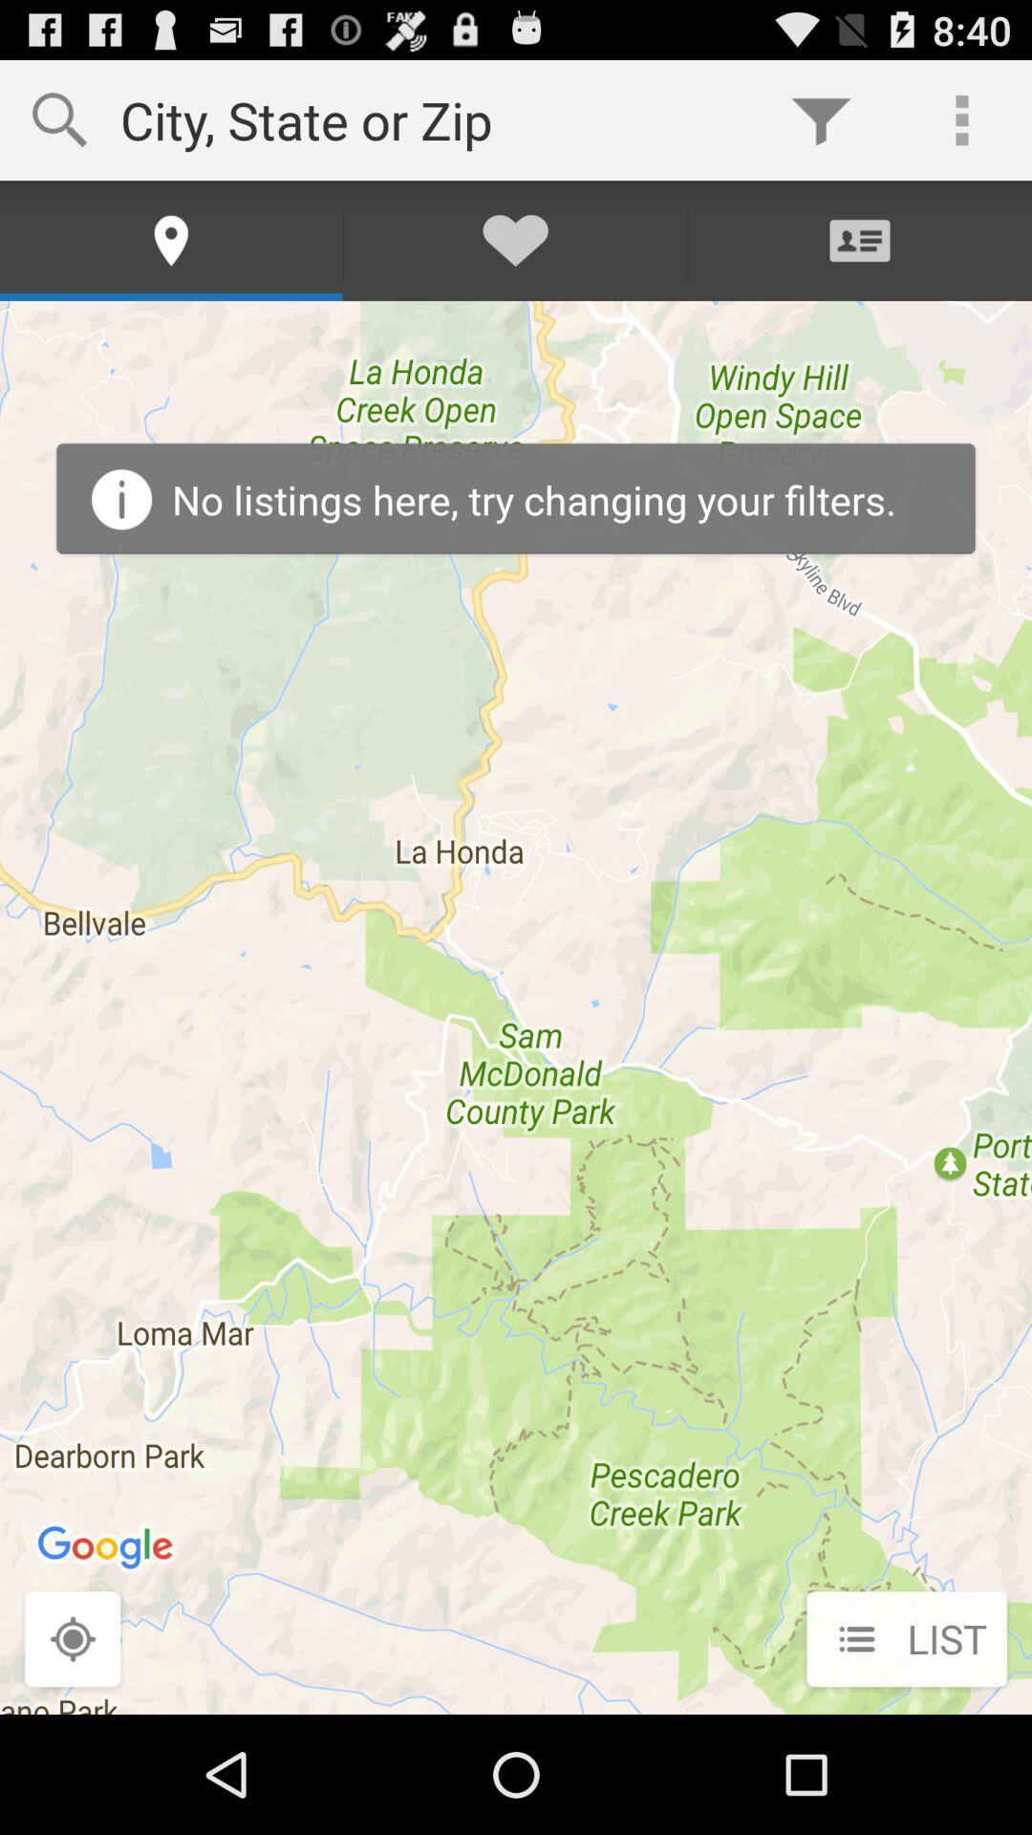  What do you see at coordinates (906, 1640) in the screenshot?
I see `app below no listings here app` at bounding box center [906, 1640].